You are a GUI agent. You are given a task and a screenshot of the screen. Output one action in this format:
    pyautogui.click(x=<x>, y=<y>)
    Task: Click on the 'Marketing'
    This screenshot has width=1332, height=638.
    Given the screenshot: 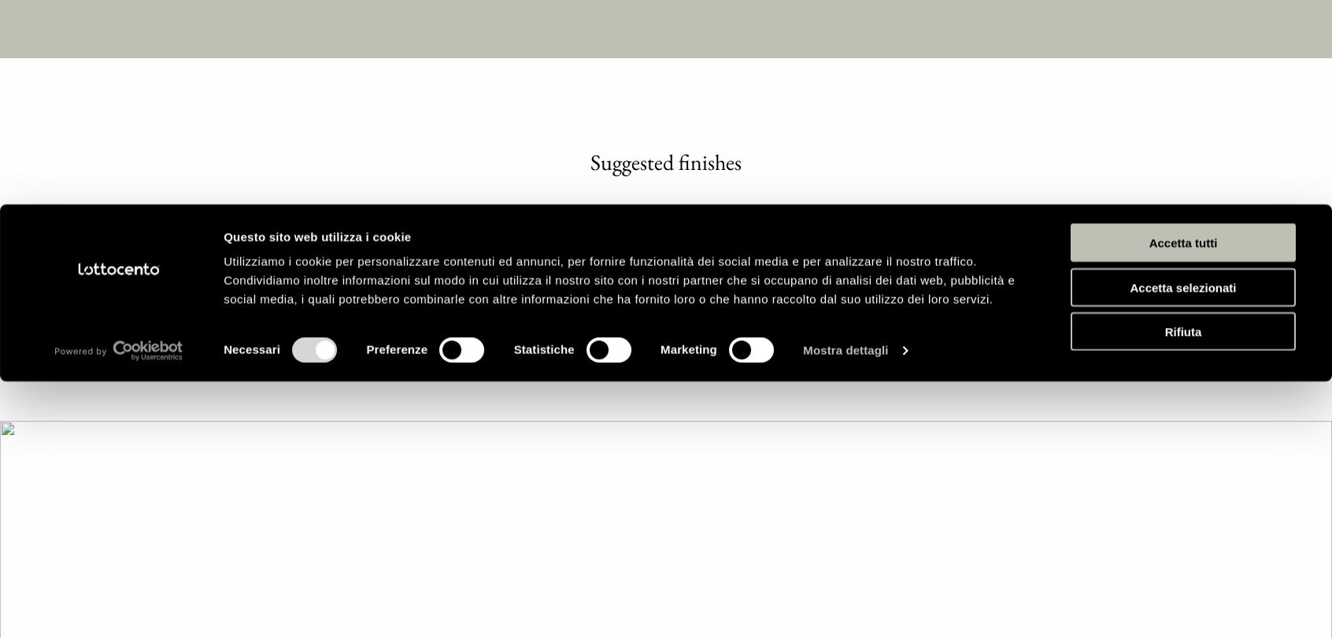 What is the action you would take?
    pyautogui.click(x=687, y=265)
    